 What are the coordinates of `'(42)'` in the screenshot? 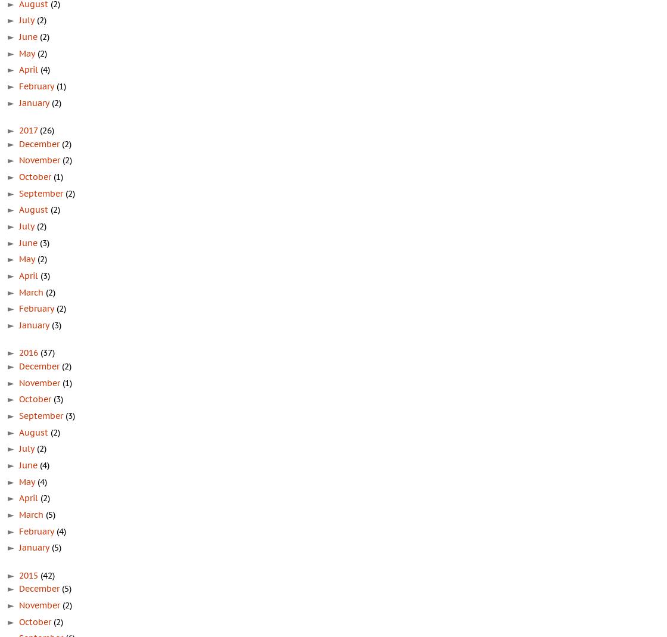 It's located at (47, 574).